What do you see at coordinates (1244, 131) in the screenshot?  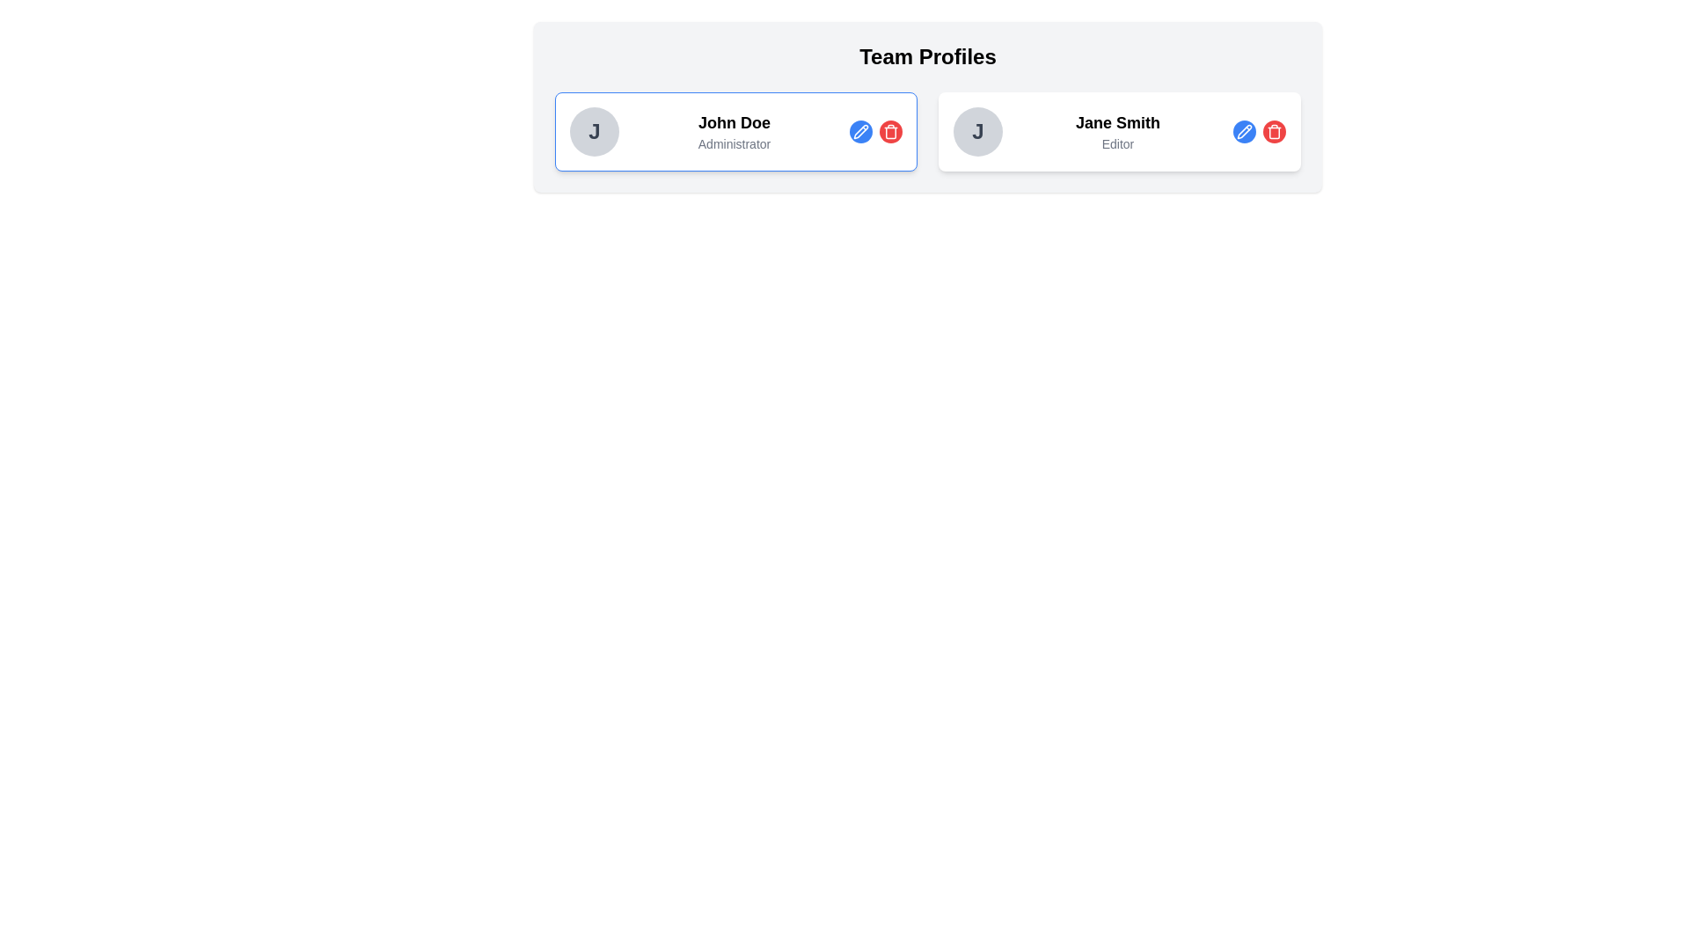 I see `the edit icon button located in Jane Smith's profile component` at bounding box center [1244, 131].